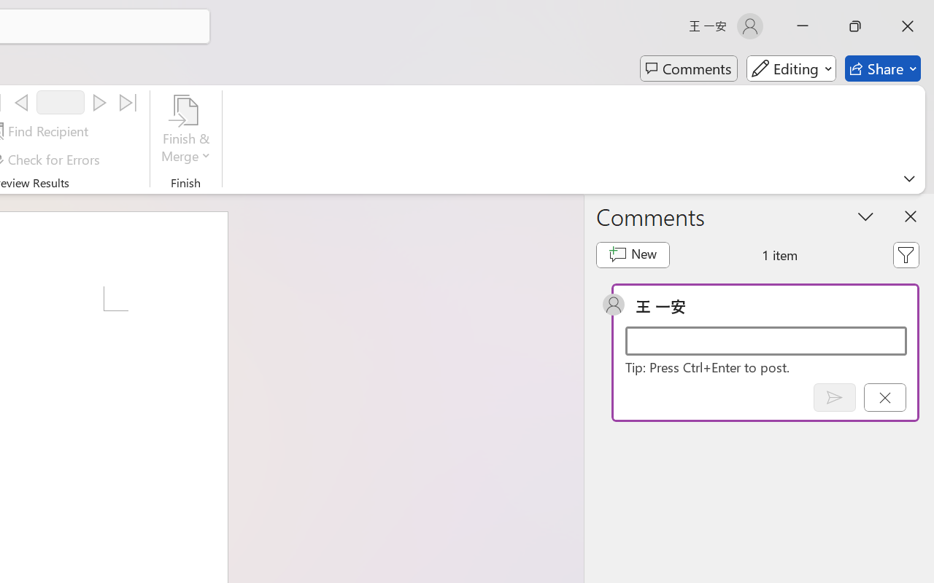 The width and height of the screenshot is (934, 583). I want to click on 'Post comment (Ctrl + Enter)', so click(834, 397).